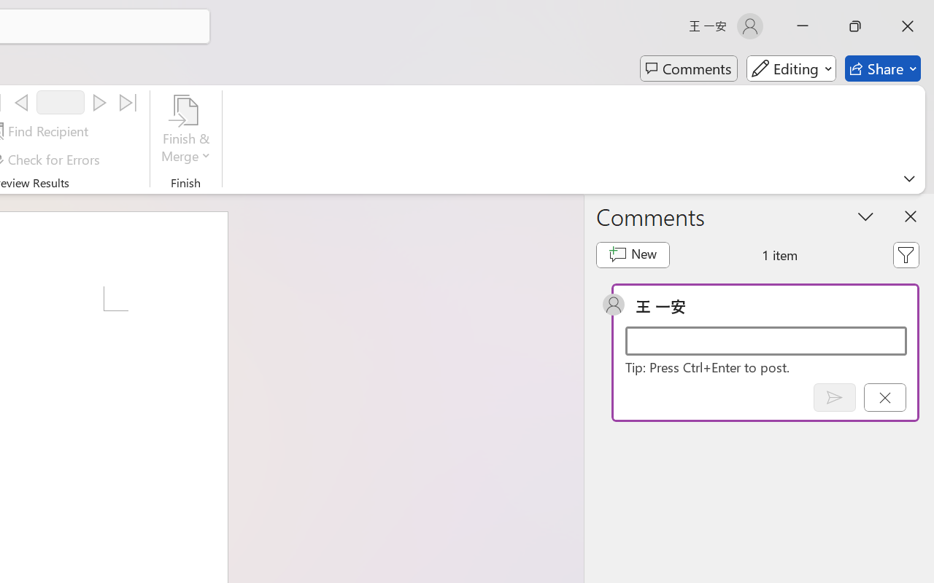 The width and height of the screenshot is (934, 583). I want to click on 'Post comment (Ctrl + Enter)', so click(834, 397).